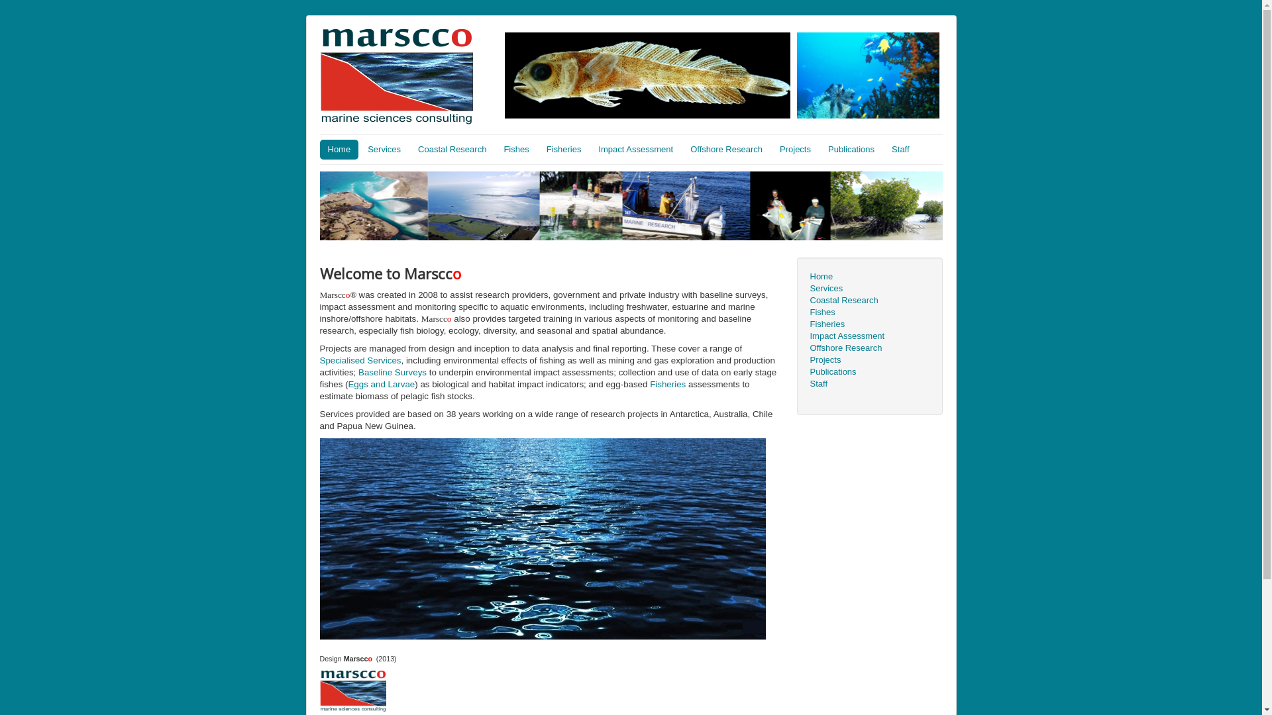 The width and height of the screenshot is (1272, 715). What do you see at coordinates (851, 149) in the screenshot?
I see `'Publications'` at bounding box center [851, 149].